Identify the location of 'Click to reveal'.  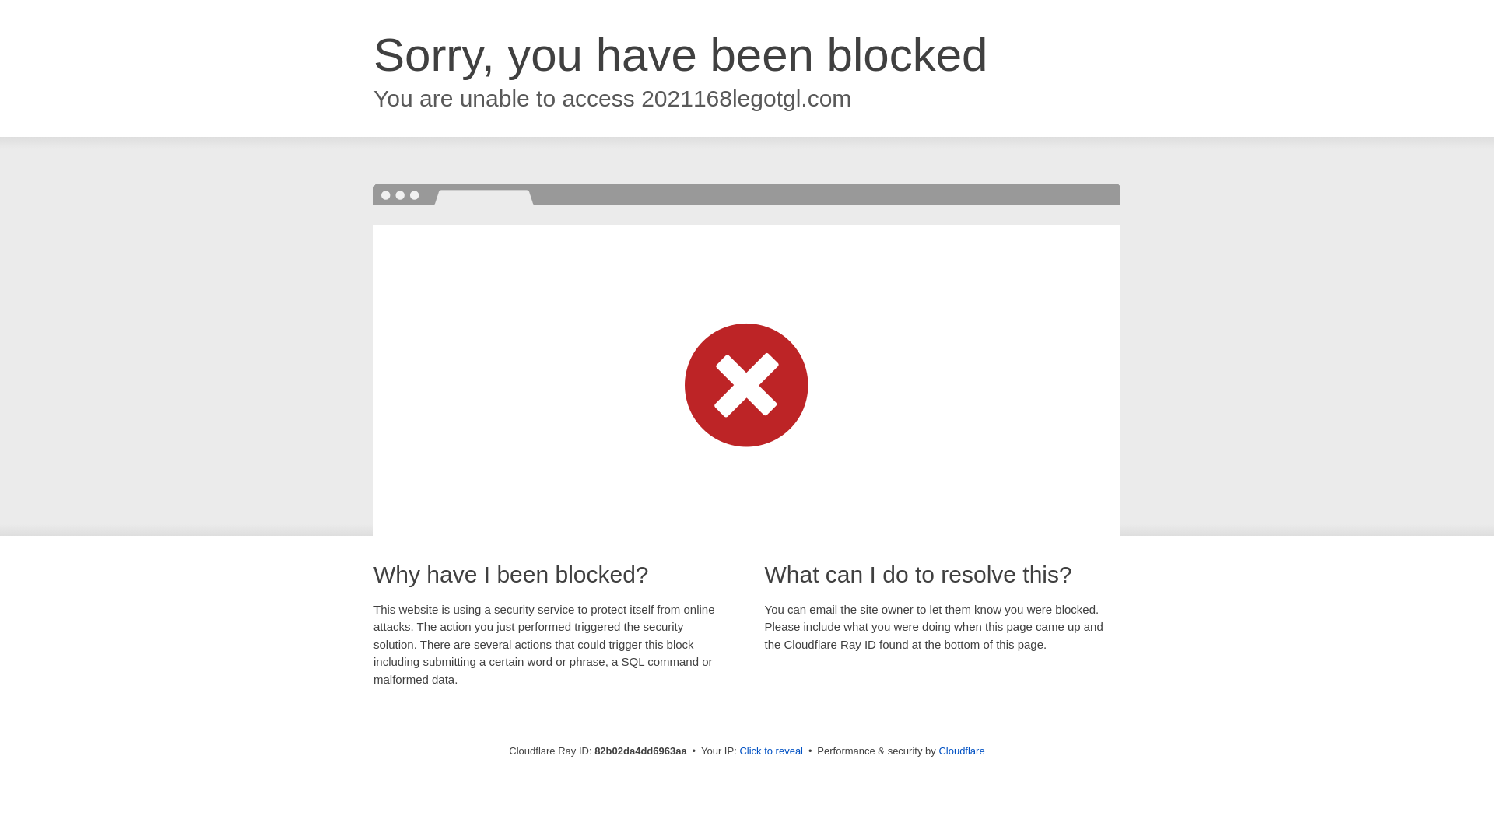
(770, 750).